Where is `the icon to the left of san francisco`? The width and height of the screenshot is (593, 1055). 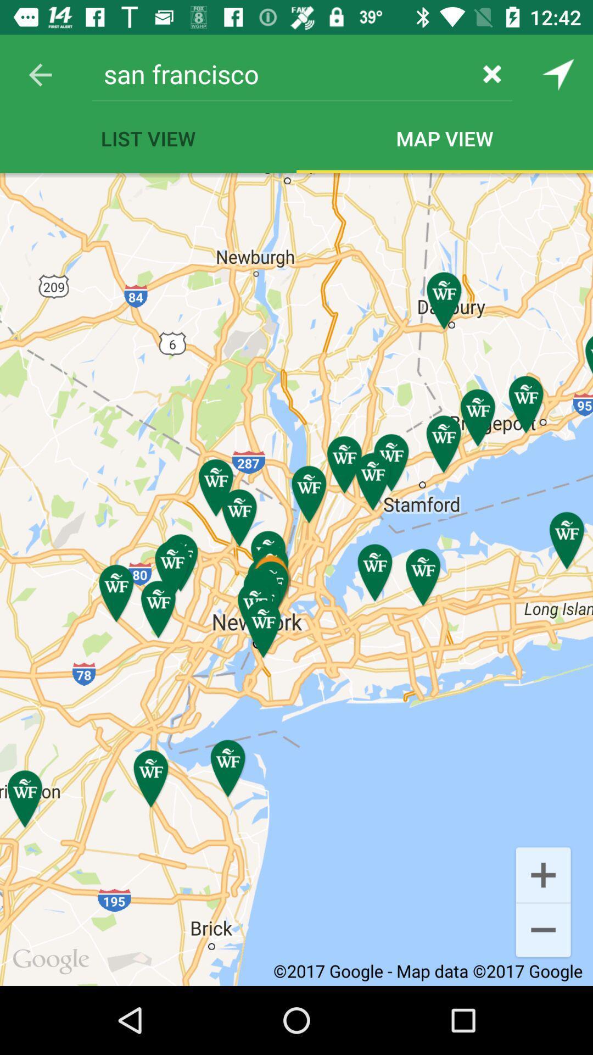
the icon to the left of san francisco is located at coordinates (40, 74).